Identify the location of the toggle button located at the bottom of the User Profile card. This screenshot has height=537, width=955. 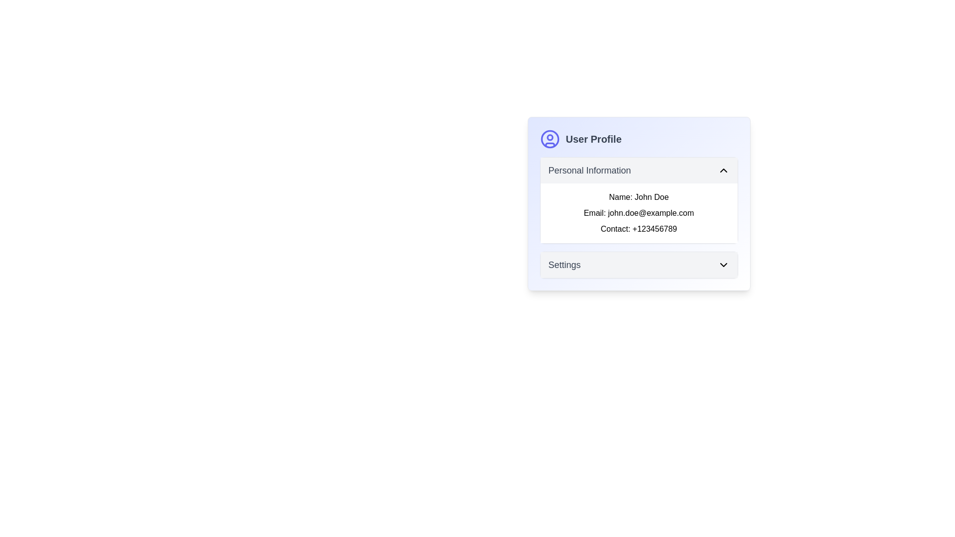
(639, 264).